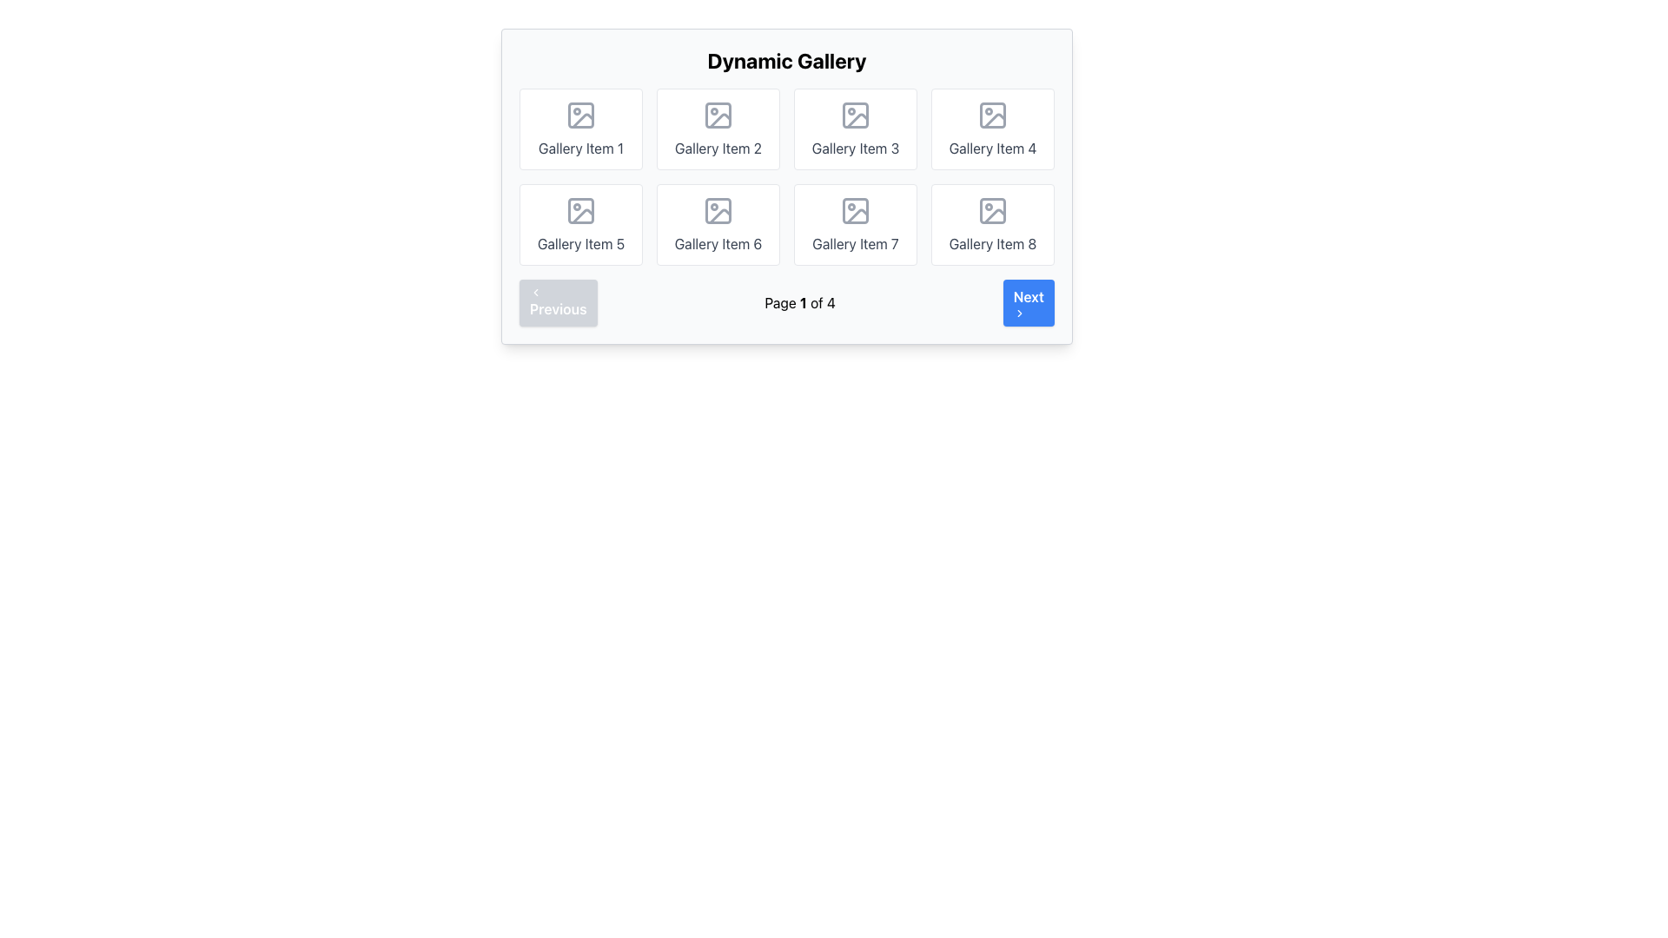 The image size is (1668, 938). Describe the element at coordinates (580, 244) in the screenshot. I see `text content of the text label displaying 'Gallery Item 5' in the second column of the first row of the gallery grid` at that location.